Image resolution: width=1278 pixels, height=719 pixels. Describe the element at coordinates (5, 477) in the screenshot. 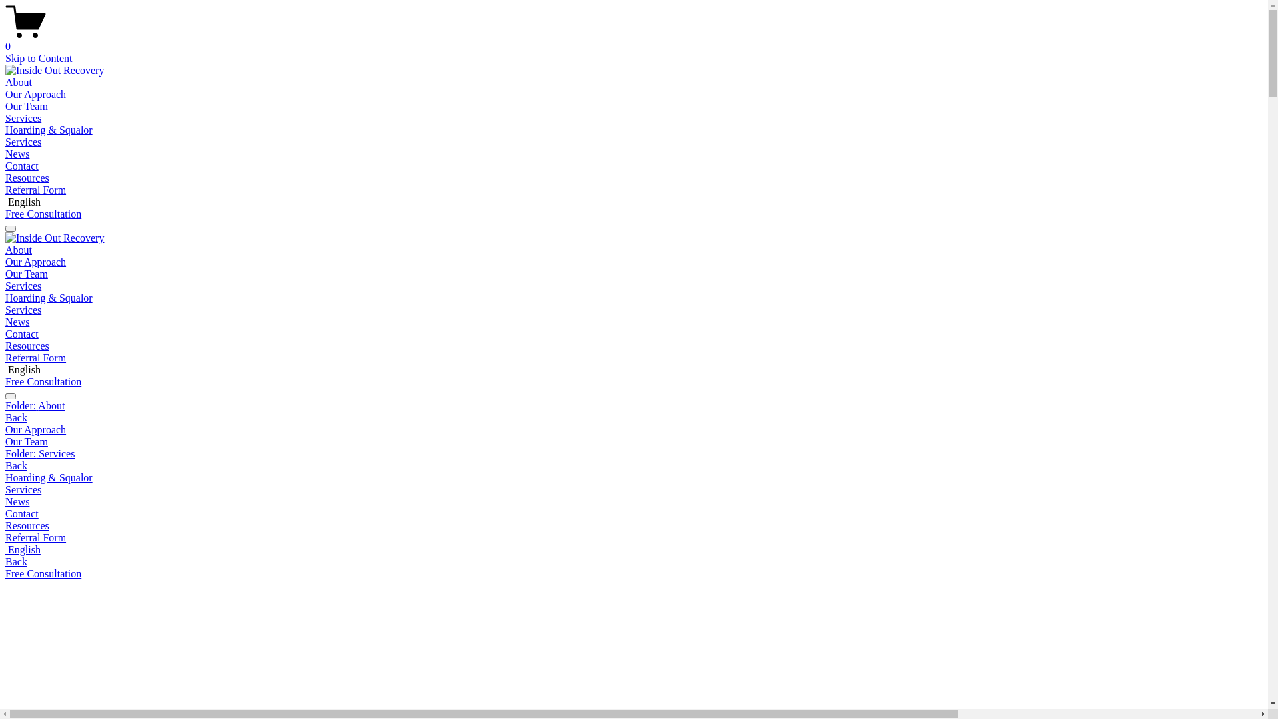

I see `'Hoarding & Squalor'` at that location.